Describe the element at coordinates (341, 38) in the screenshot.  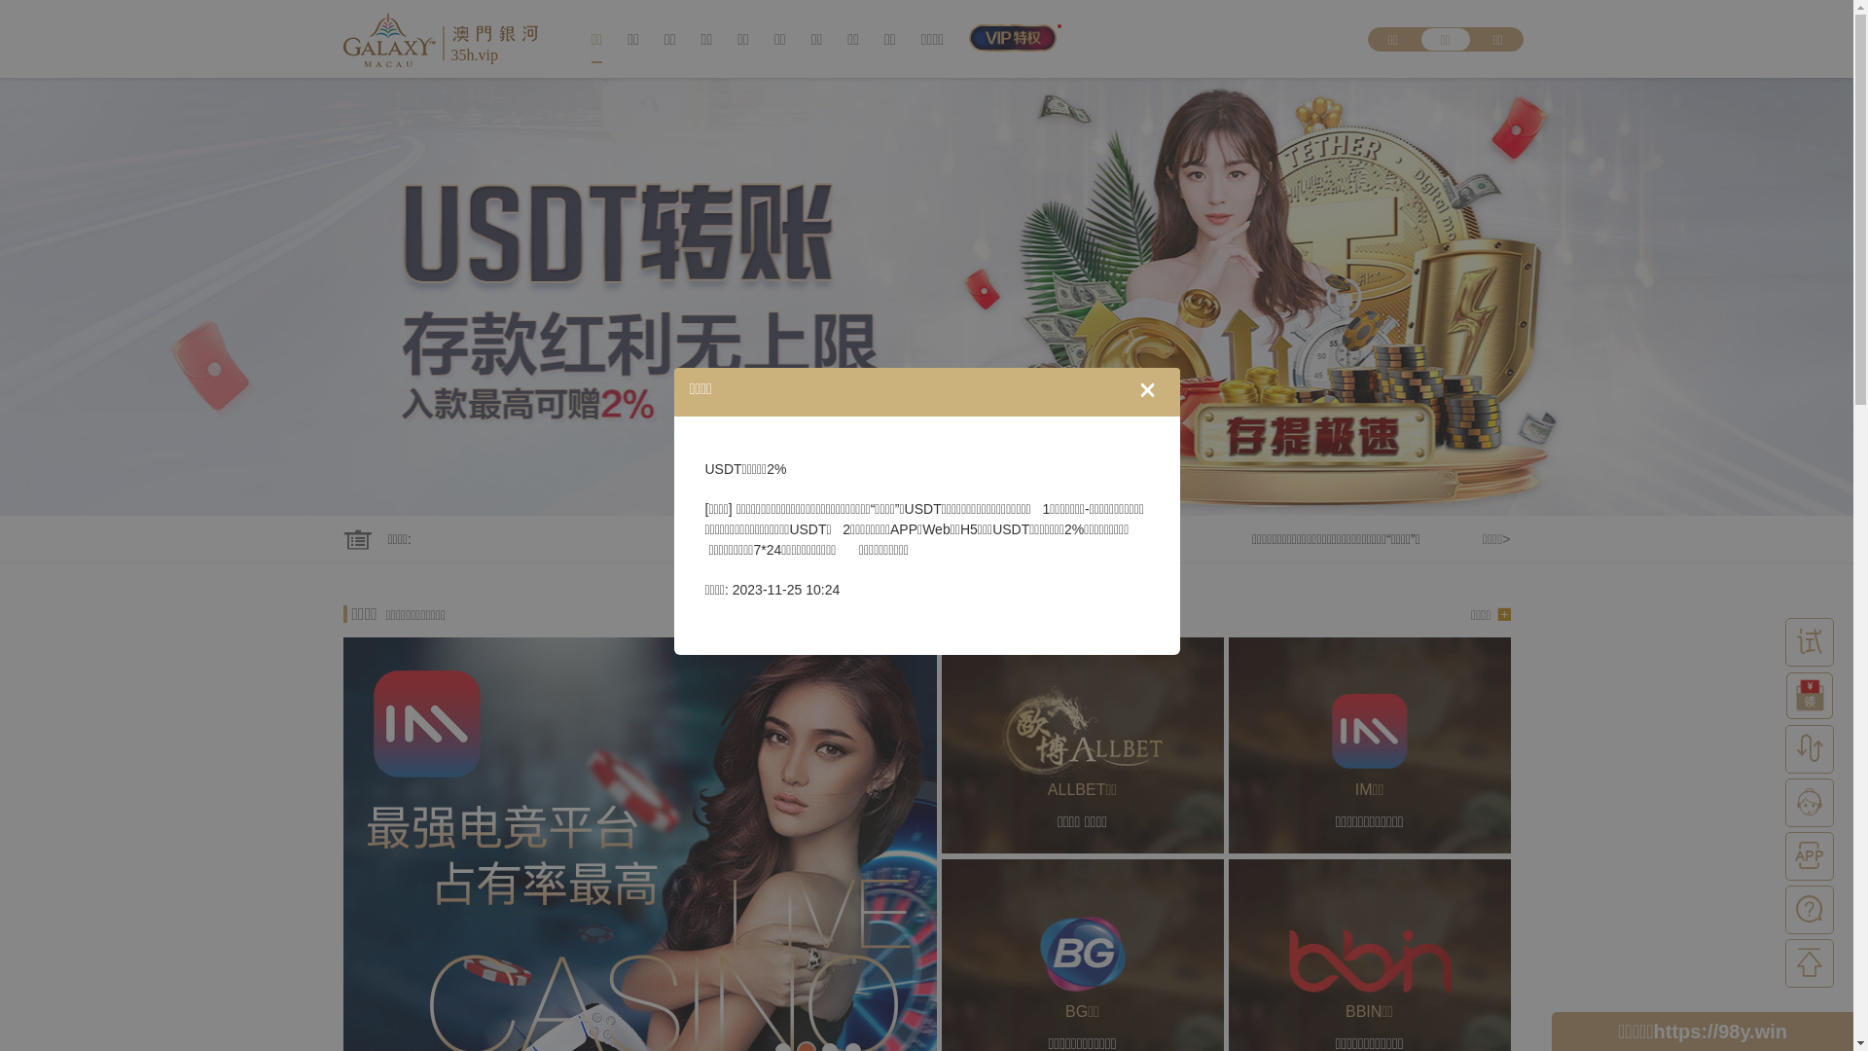
I see `'33h.vip'` at that location.